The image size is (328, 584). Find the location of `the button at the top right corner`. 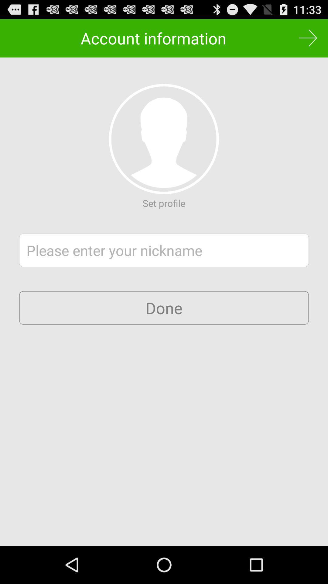

the button at the top right corner is located at coordinates (308, 38).